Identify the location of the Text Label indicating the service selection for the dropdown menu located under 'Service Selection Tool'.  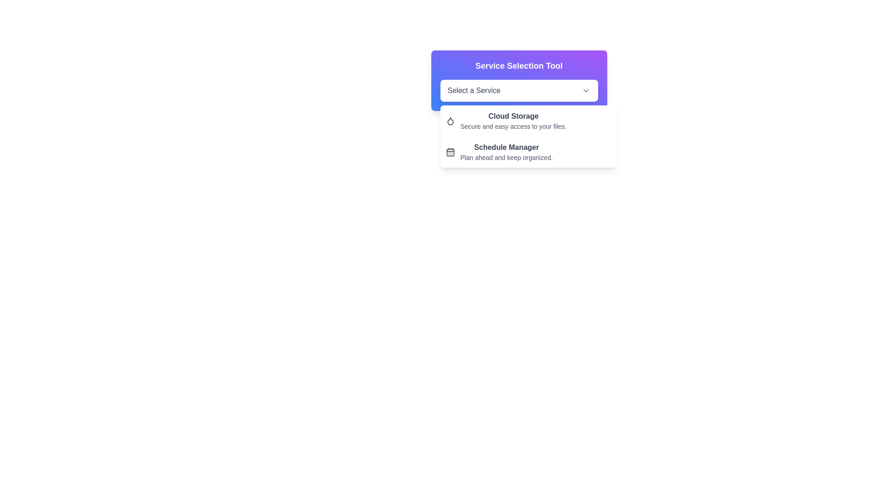
(474, 90).